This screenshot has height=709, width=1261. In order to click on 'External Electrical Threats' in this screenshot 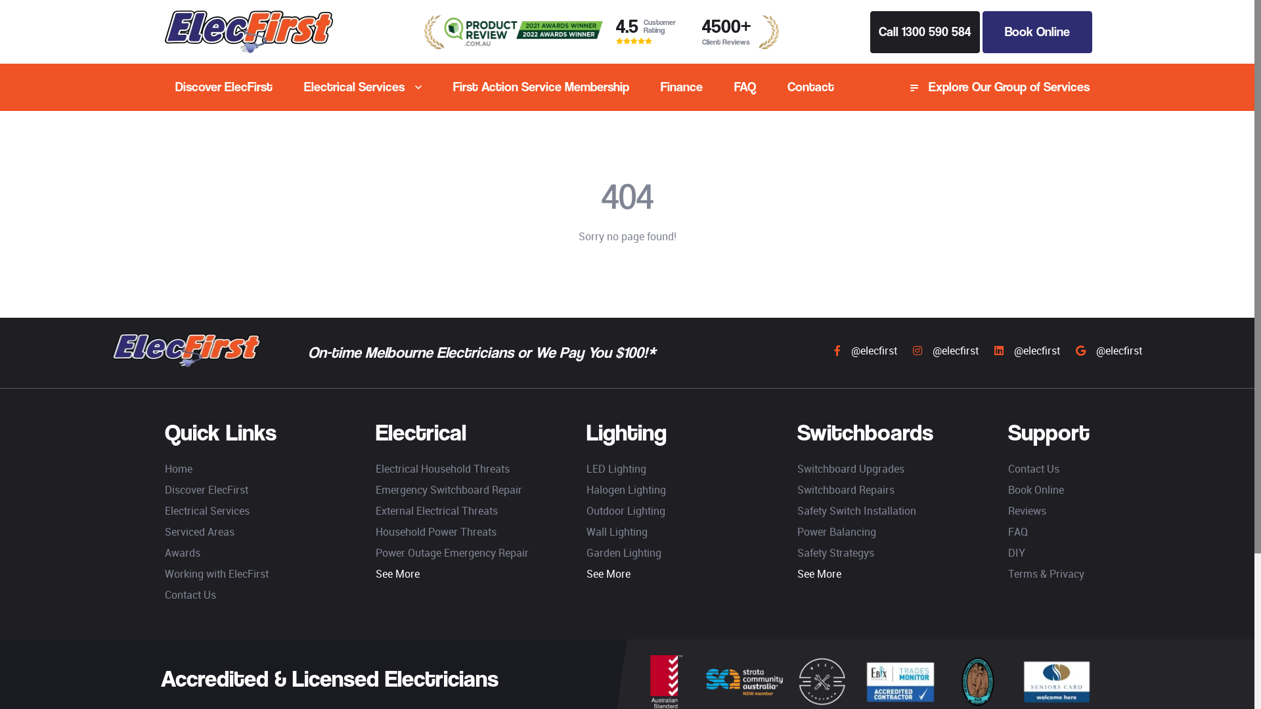, I will do `click(437, 510)`.